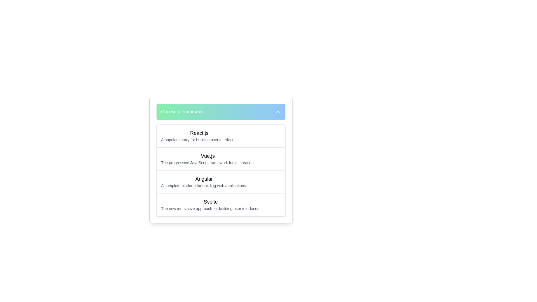 Image resolution: width=537 pixels, height=302 pixels. Describe the element at coordinates (204, 179) in the screenshot. I see `the 'Angular' text label, which is the title of the third item in the 'Choose a Framework' dropdown menu, to focus on its section` at that location.